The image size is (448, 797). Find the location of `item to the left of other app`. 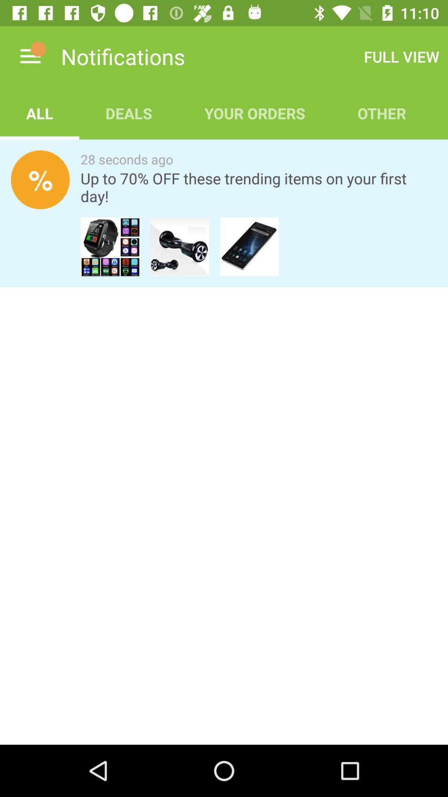

item to the left of other app is located at coordinates (254, 113).